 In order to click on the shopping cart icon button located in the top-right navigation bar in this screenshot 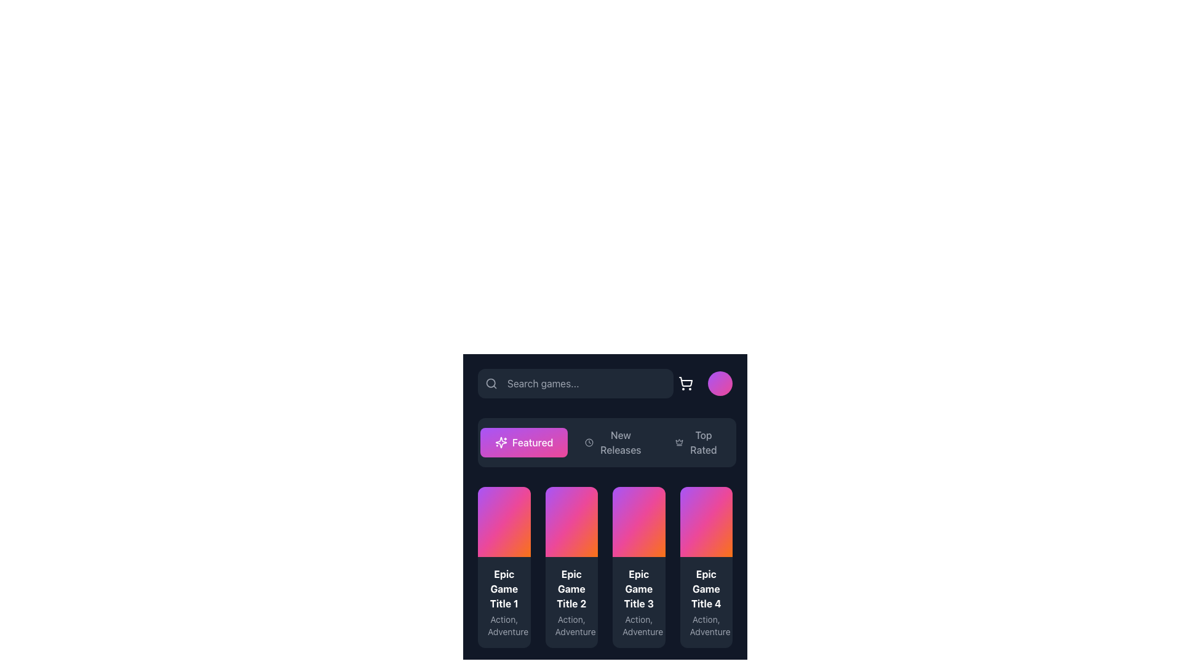, I will do `click(685, 383)`.